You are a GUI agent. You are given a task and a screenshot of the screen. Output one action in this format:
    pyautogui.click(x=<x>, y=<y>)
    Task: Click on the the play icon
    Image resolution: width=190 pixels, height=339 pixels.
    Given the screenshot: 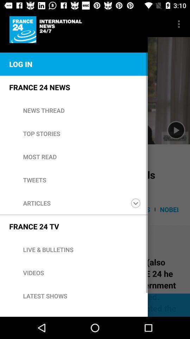 What is the action you would take?
    pyautogui.click(x=176, y=130)
    